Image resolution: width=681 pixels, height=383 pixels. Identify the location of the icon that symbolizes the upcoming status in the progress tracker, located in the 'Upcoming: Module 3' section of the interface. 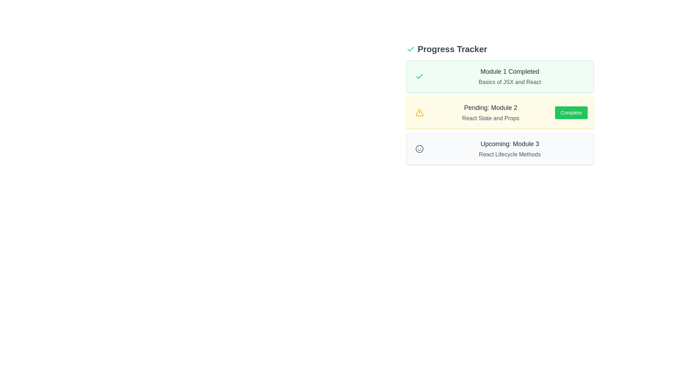
(419, 149).